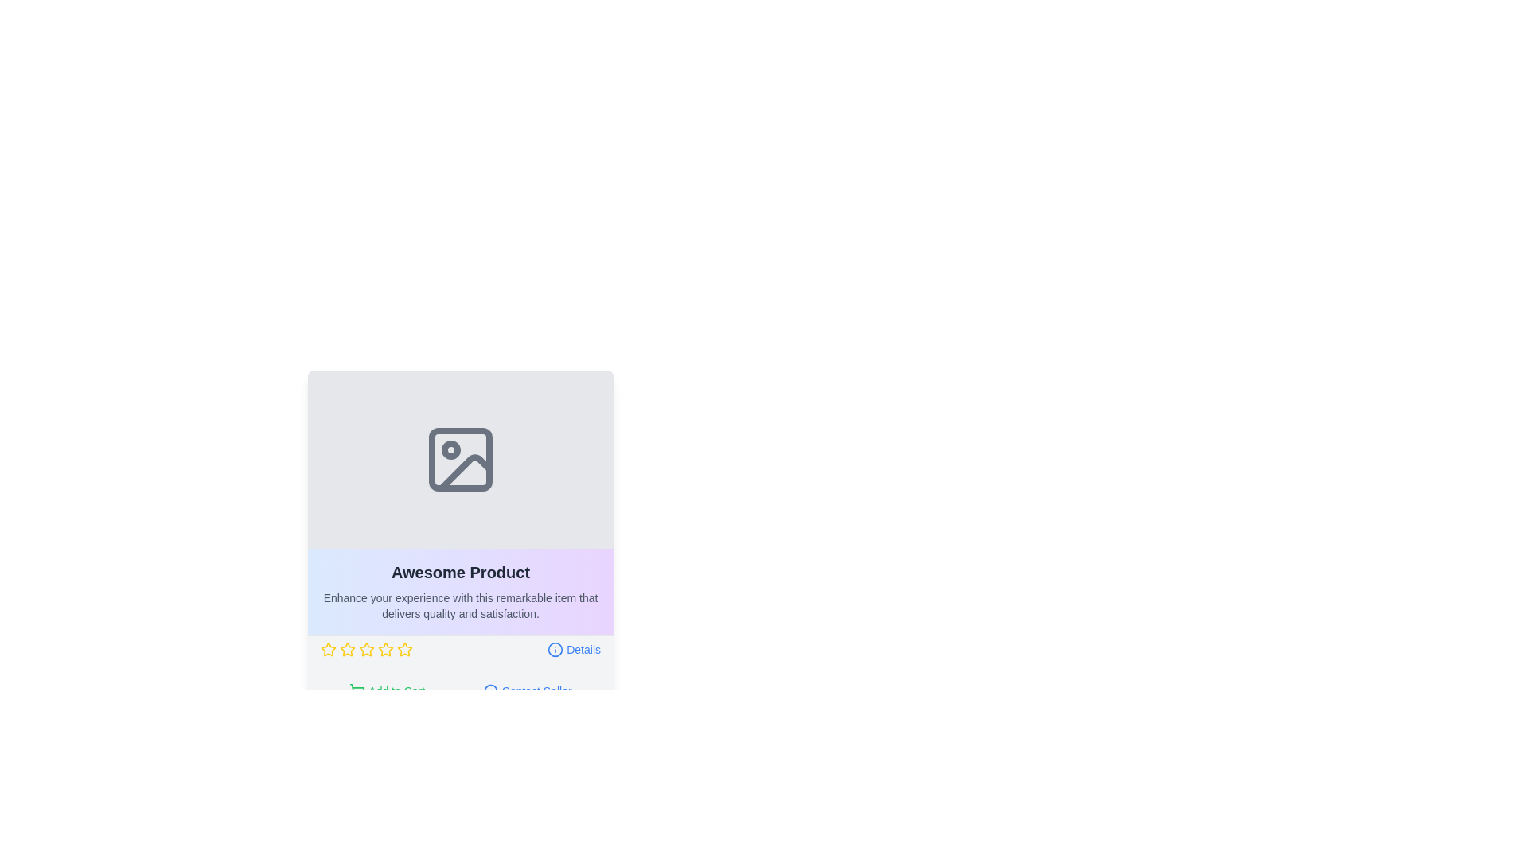 The height and width of the screenshot is (859, 1528). What do you see at coordinates (573, 650) in the screenshot?
I see `the link at the bottom right of the product card` at bounding box center [573, 650].